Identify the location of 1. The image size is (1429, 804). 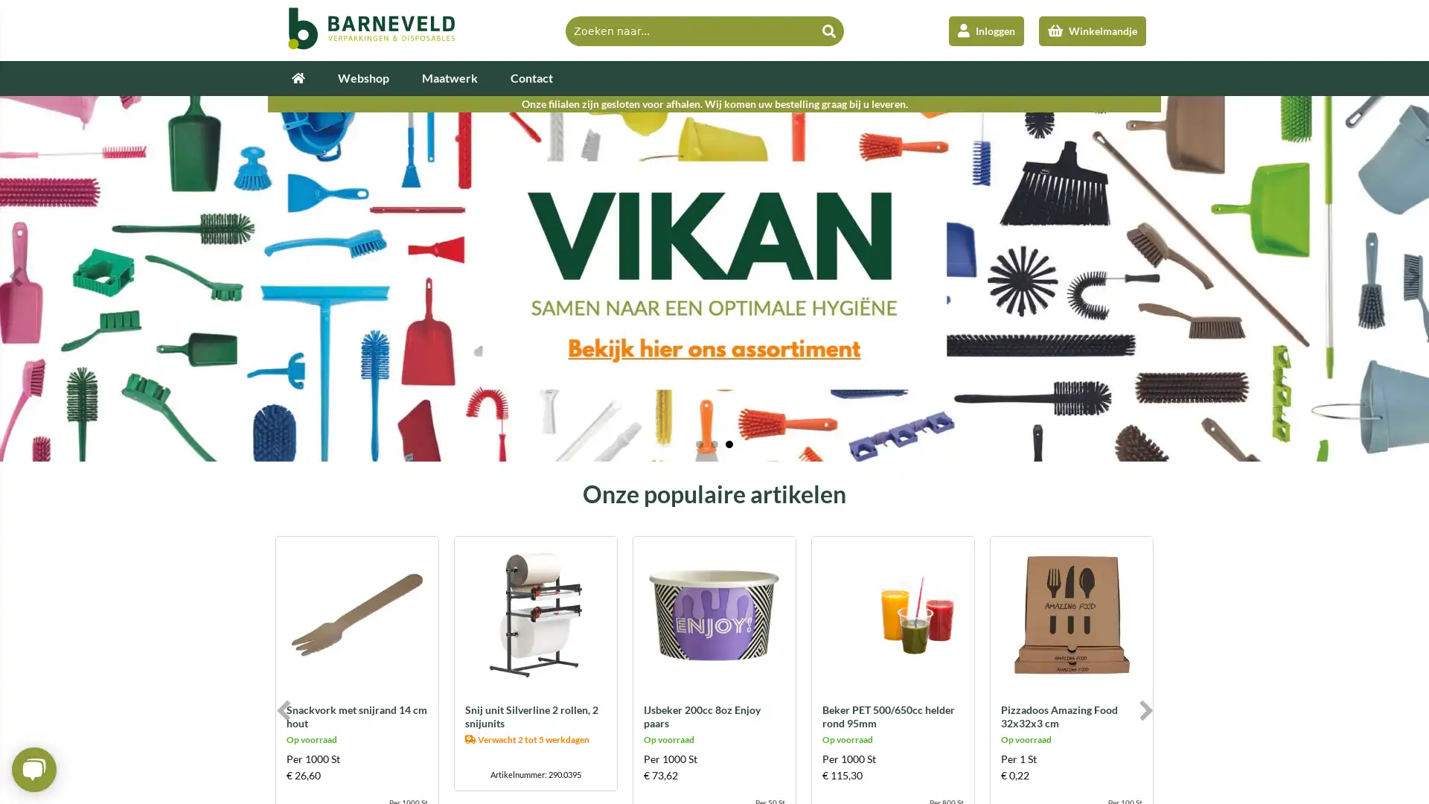
(699, 444).